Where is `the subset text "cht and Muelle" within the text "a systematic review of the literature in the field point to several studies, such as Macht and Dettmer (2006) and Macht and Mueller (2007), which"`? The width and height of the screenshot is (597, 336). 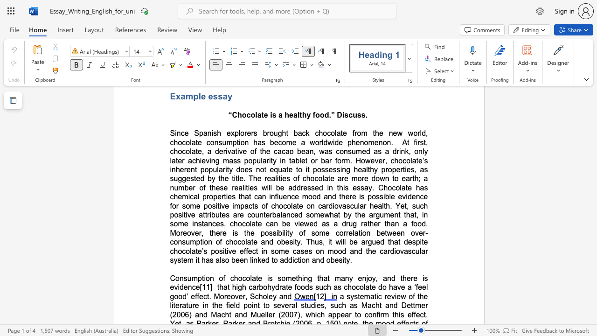 the subset text "cht and Muelle" within the text "a systematic review of the literature in the field point to several studies, such as Macht and Dettmer (2006) and Macht and Mueller (2007), which" is located at coordinates (221, 315).